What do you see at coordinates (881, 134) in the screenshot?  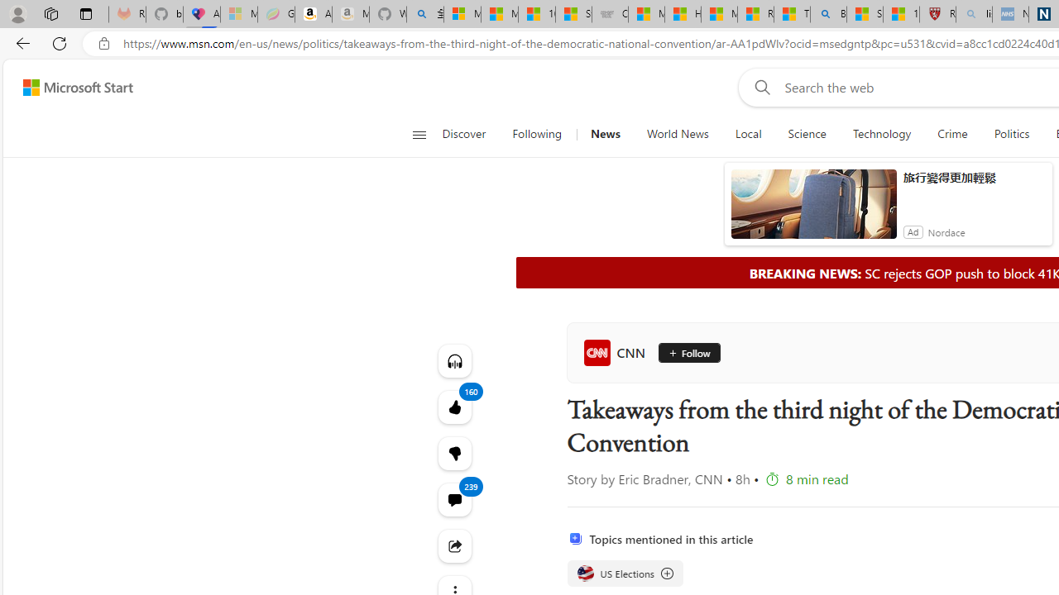 I see `'Technology'` at bounding box center [881, 134].